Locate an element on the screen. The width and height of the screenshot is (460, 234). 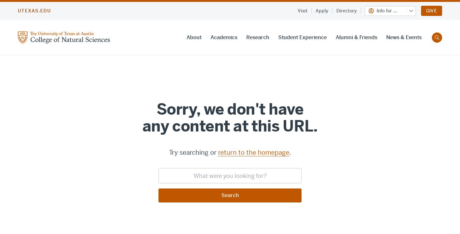
'any content at this URL.' is located at coordinates (230, 126).